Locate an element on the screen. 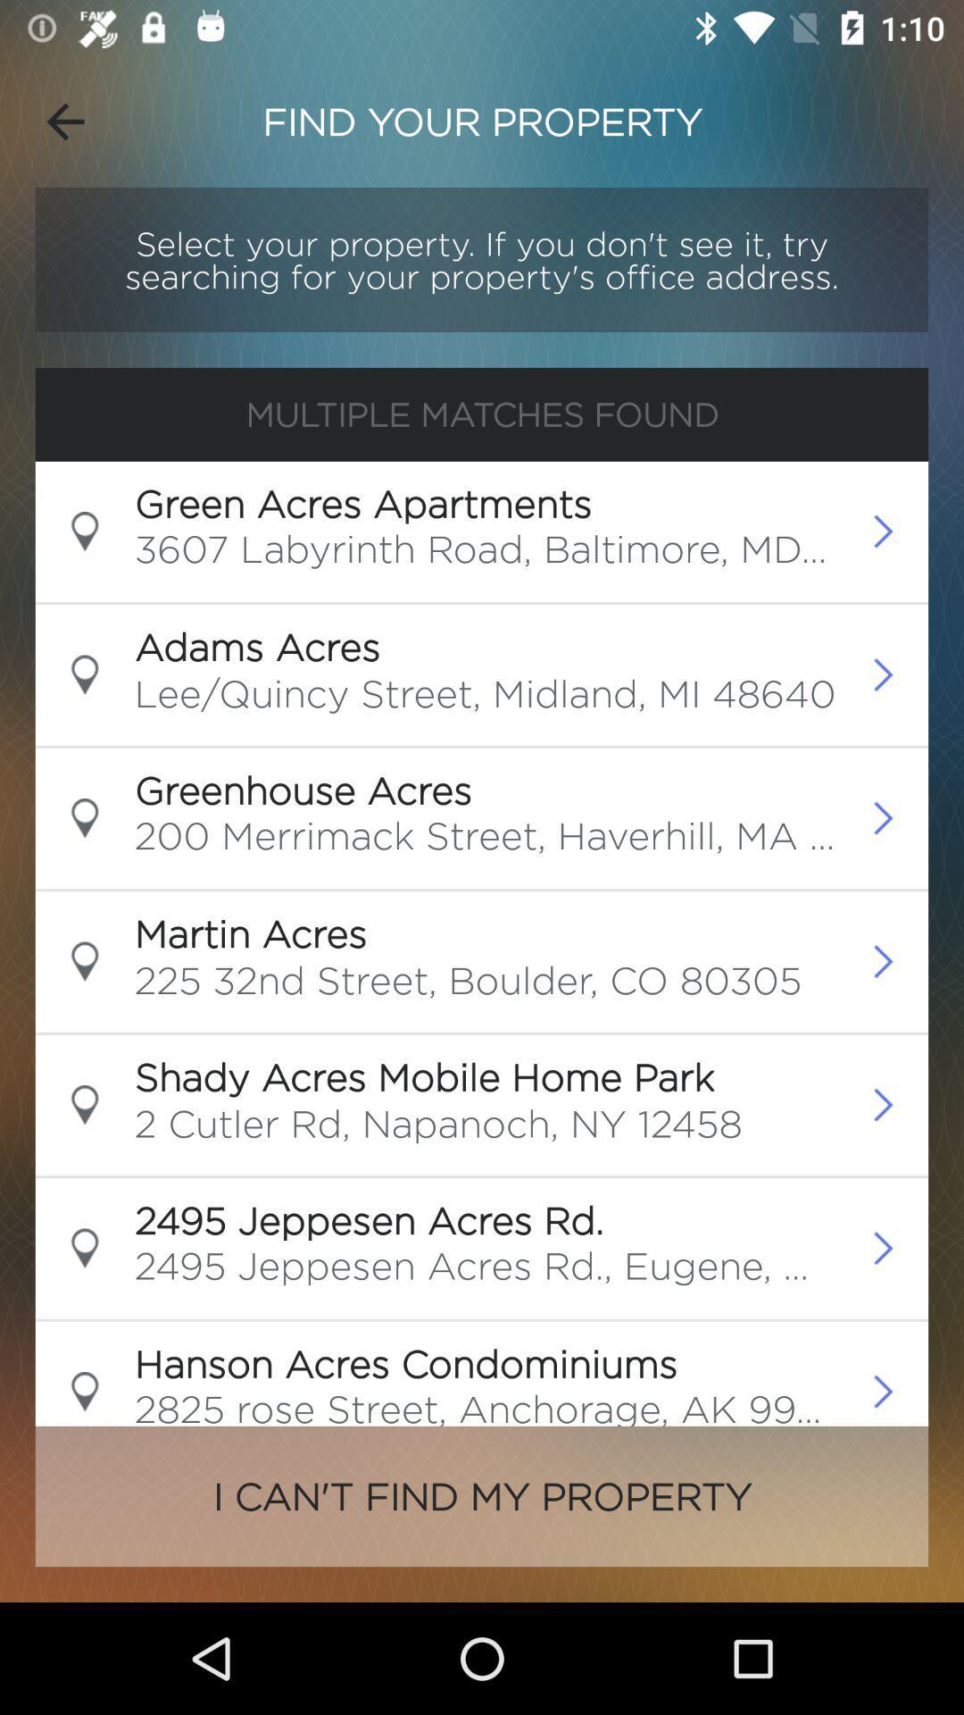 The height and width of the screenshot is (1715, 964). app next to find your property icon is located at coordinates (64, 121).